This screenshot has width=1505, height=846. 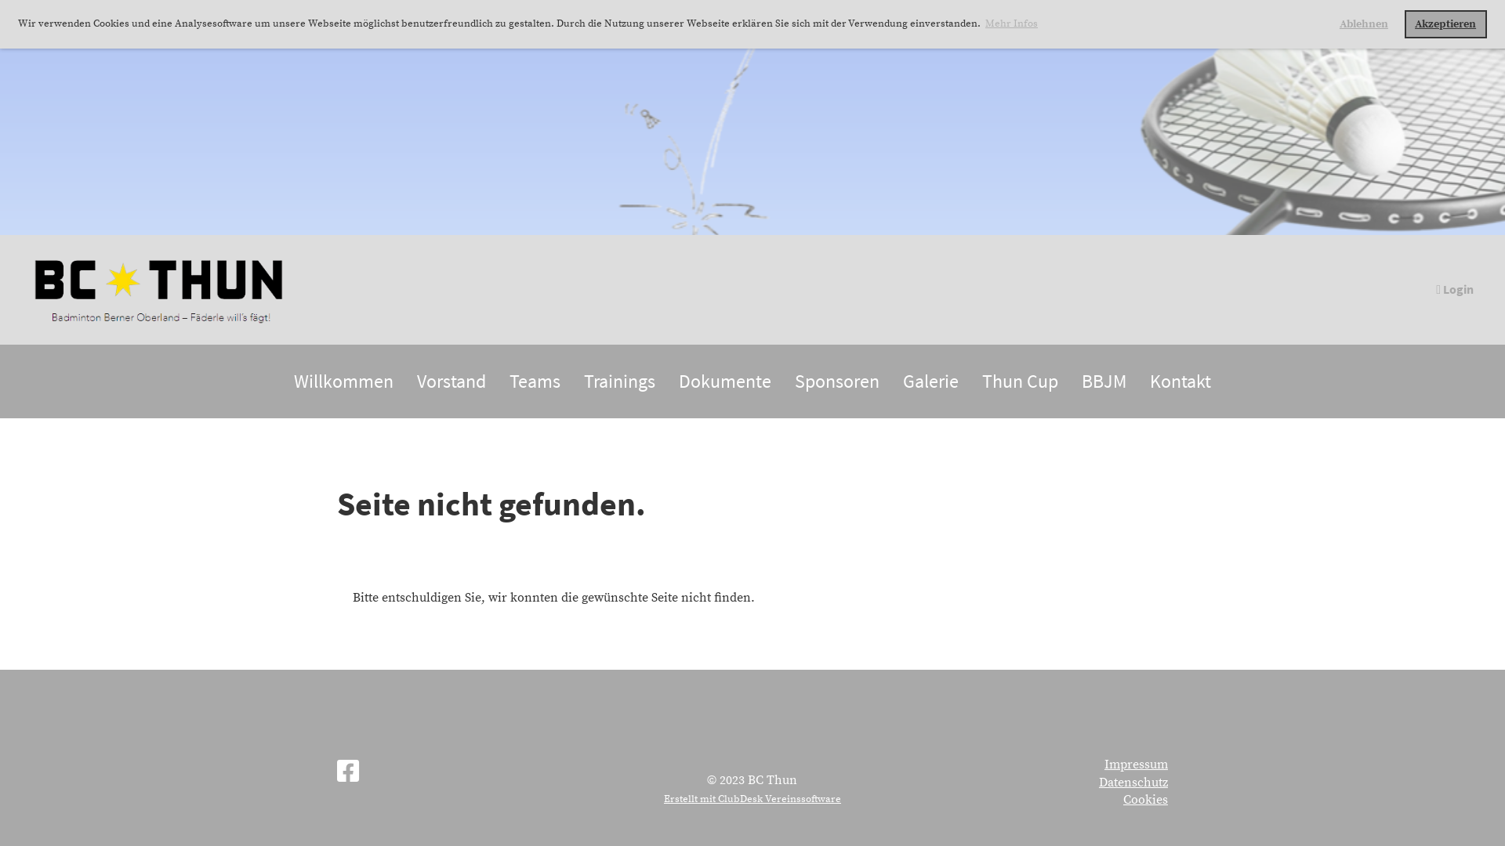 I want to click on 'Sponsoren', so click(x=782, y=381).